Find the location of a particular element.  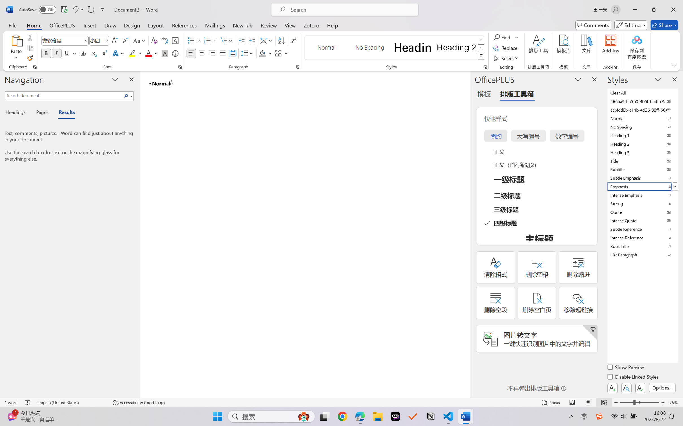

'No Spacing' is located at coordinates (642, 127).